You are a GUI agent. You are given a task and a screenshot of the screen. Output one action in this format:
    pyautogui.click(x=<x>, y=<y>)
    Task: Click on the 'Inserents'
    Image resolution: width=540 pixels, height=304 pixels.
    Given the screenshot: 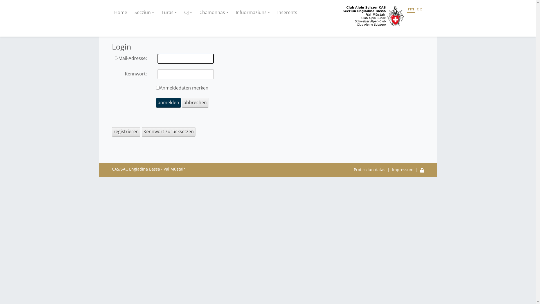 What is the action you would take?
    pyautogui.click(x=287, y=12)
    